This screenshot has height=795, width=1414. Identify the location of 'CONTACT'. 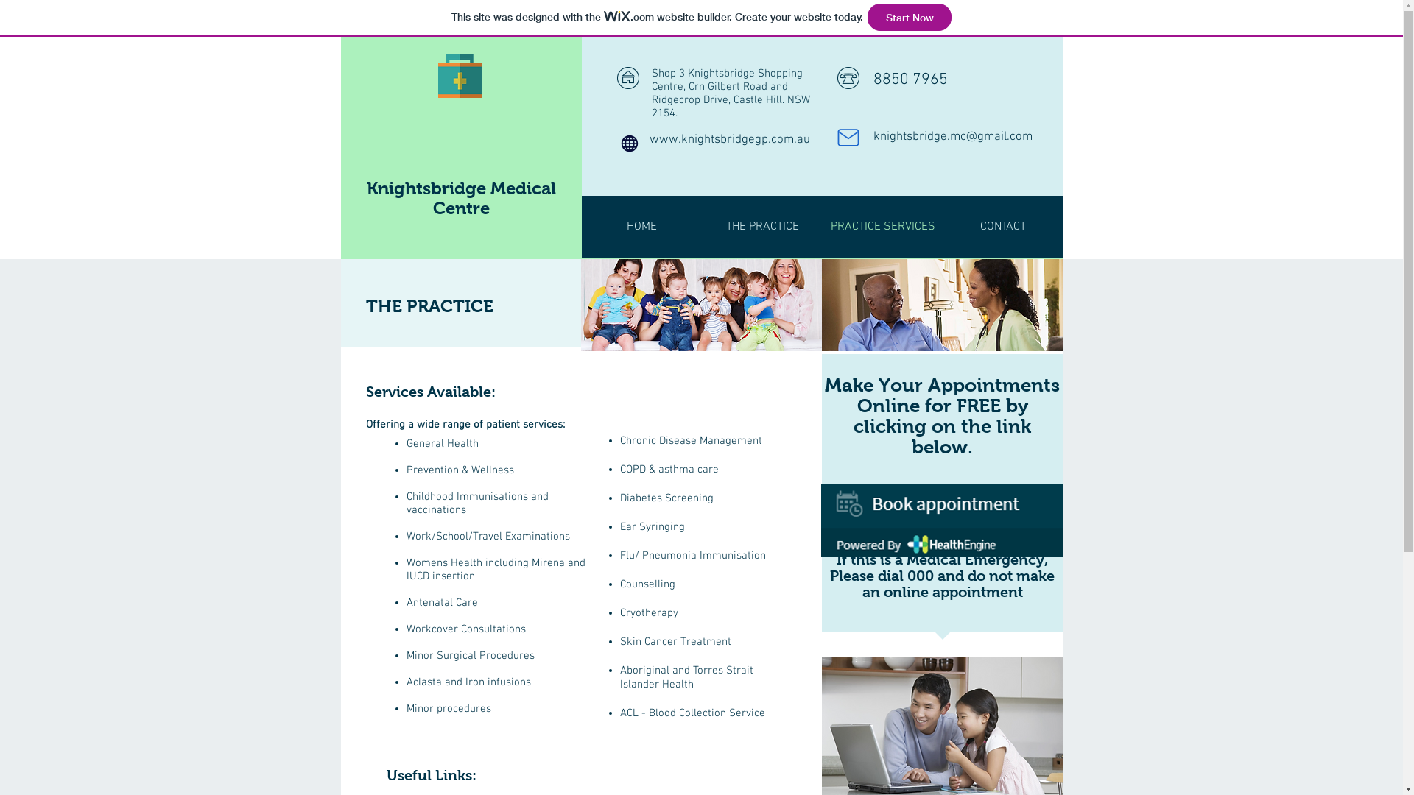
(1002, 227).